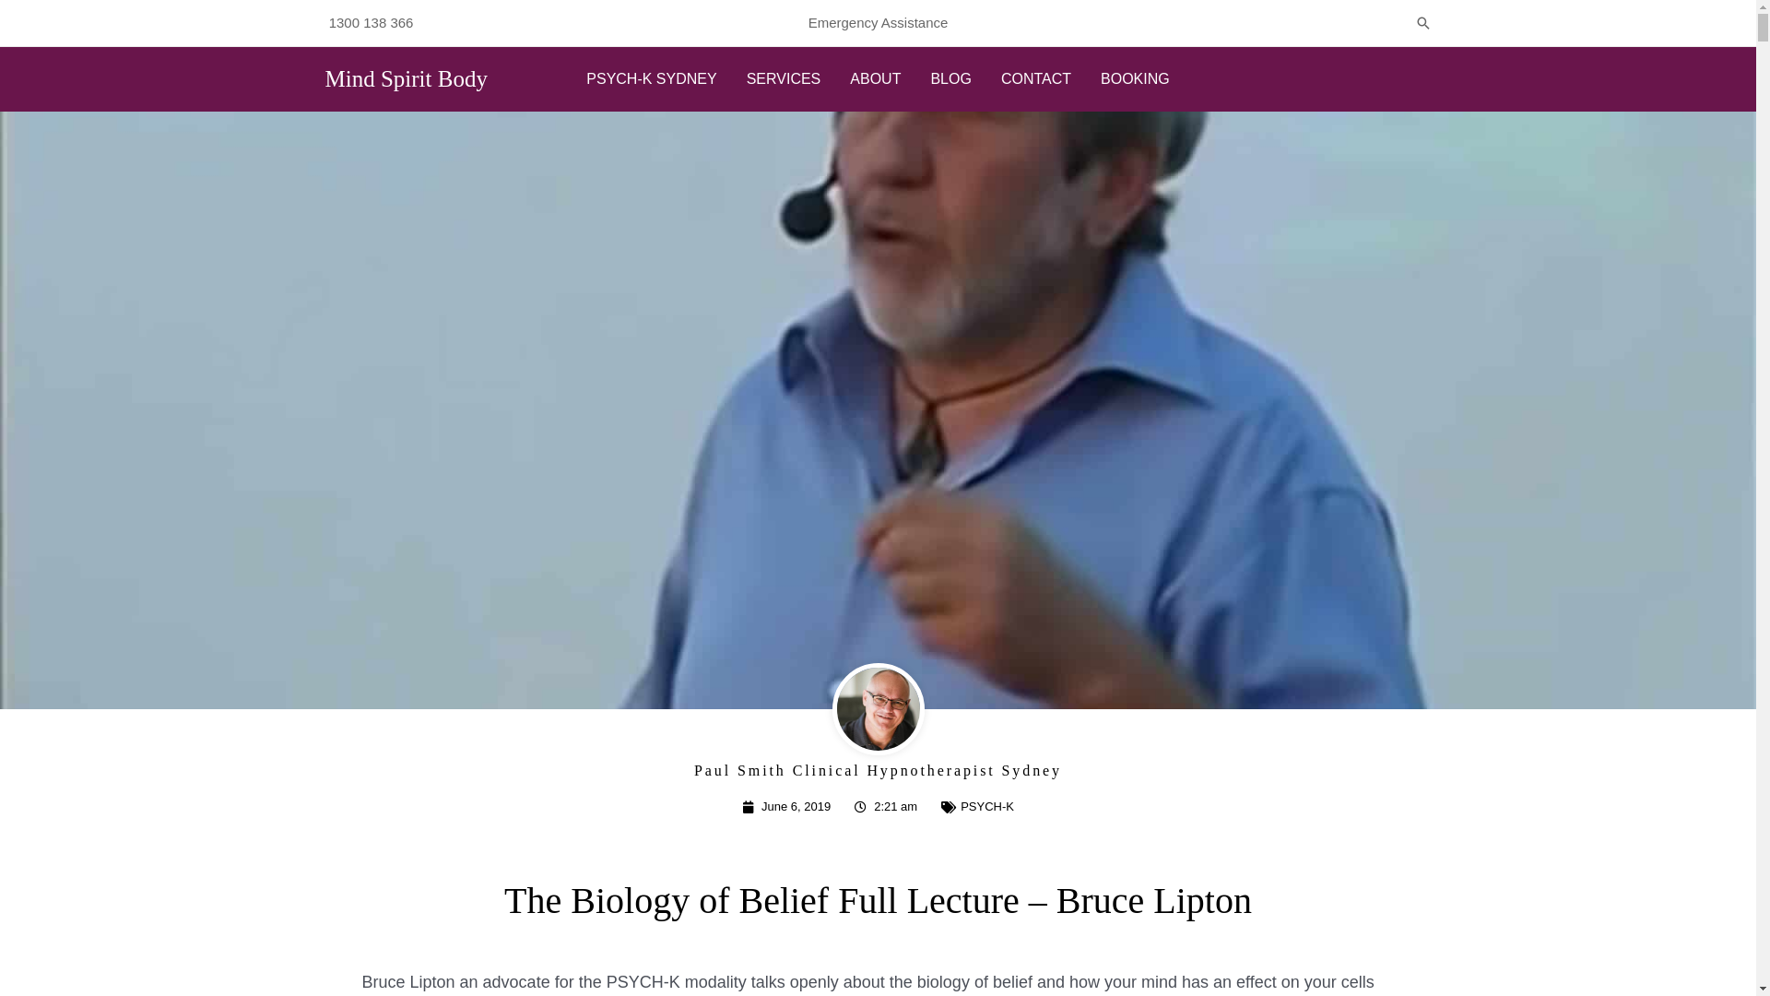 This screenshot has height=996, width=1770. What do you see at coordinates (950, 77) in the screenshot?
I see `'BLOG'` at bounding box center [950, 77].